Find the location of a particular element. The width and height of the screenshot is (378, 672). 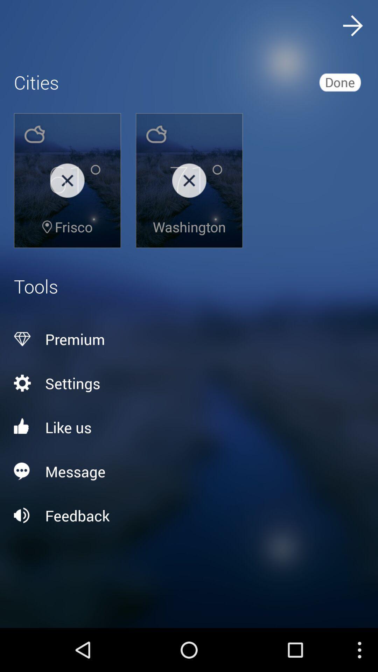

settings icon is located at coordinates (189, 383).